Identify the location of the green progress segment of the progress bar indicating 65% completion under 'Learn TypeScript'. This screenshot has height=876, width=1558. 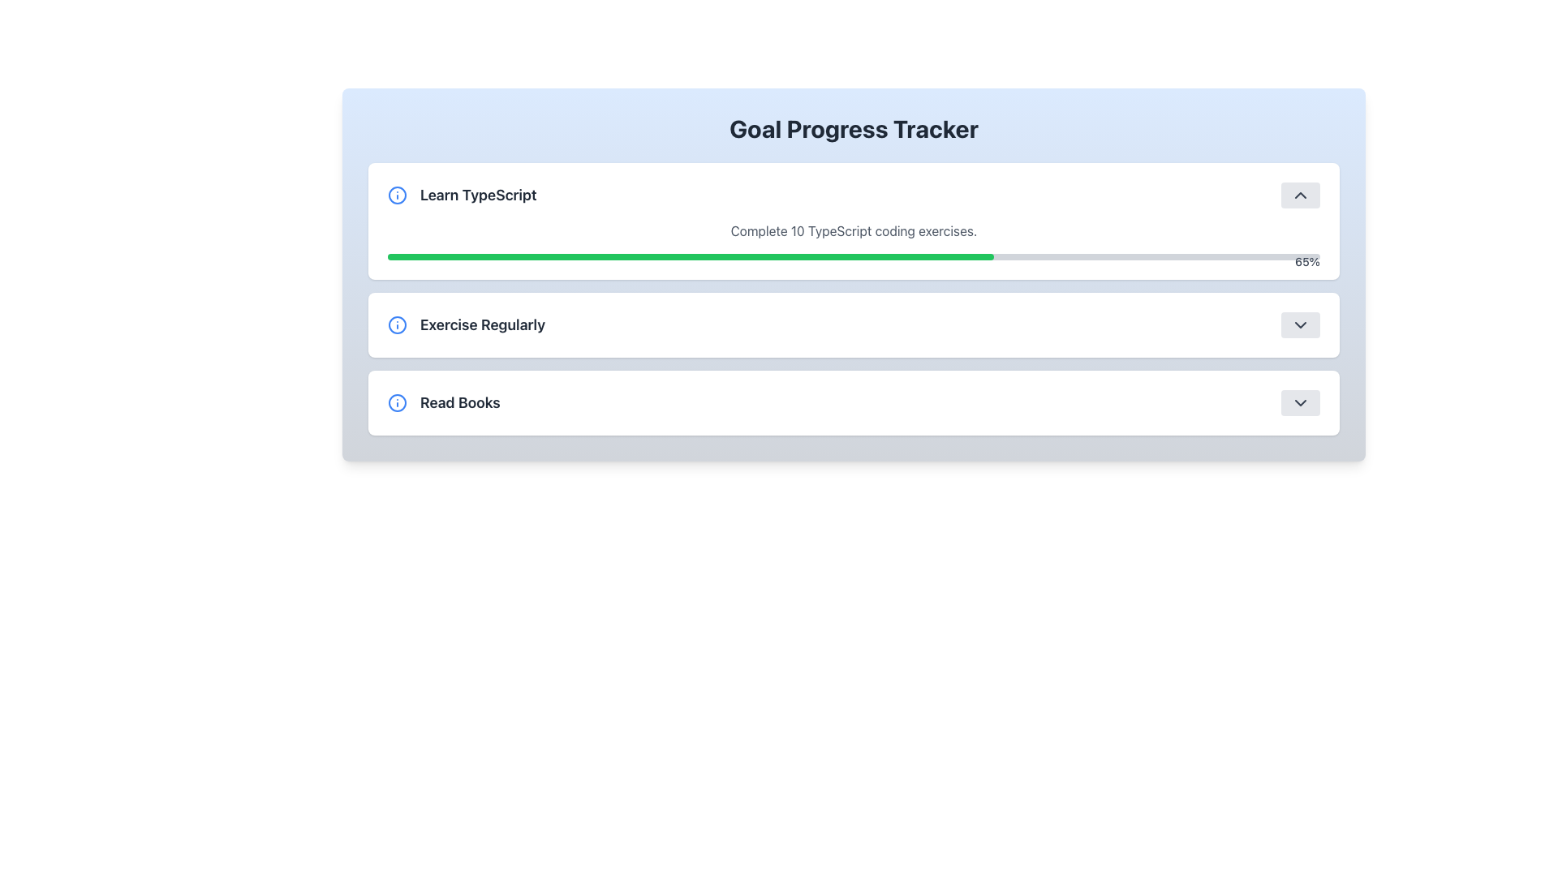
(691, 255).